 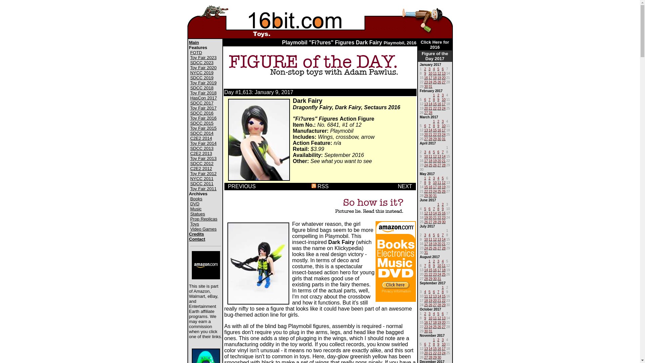 What do you see at coordinates (203, 98) in the screenshot?
I see `'HasCon 2017'` at bounding box center [203, 98].